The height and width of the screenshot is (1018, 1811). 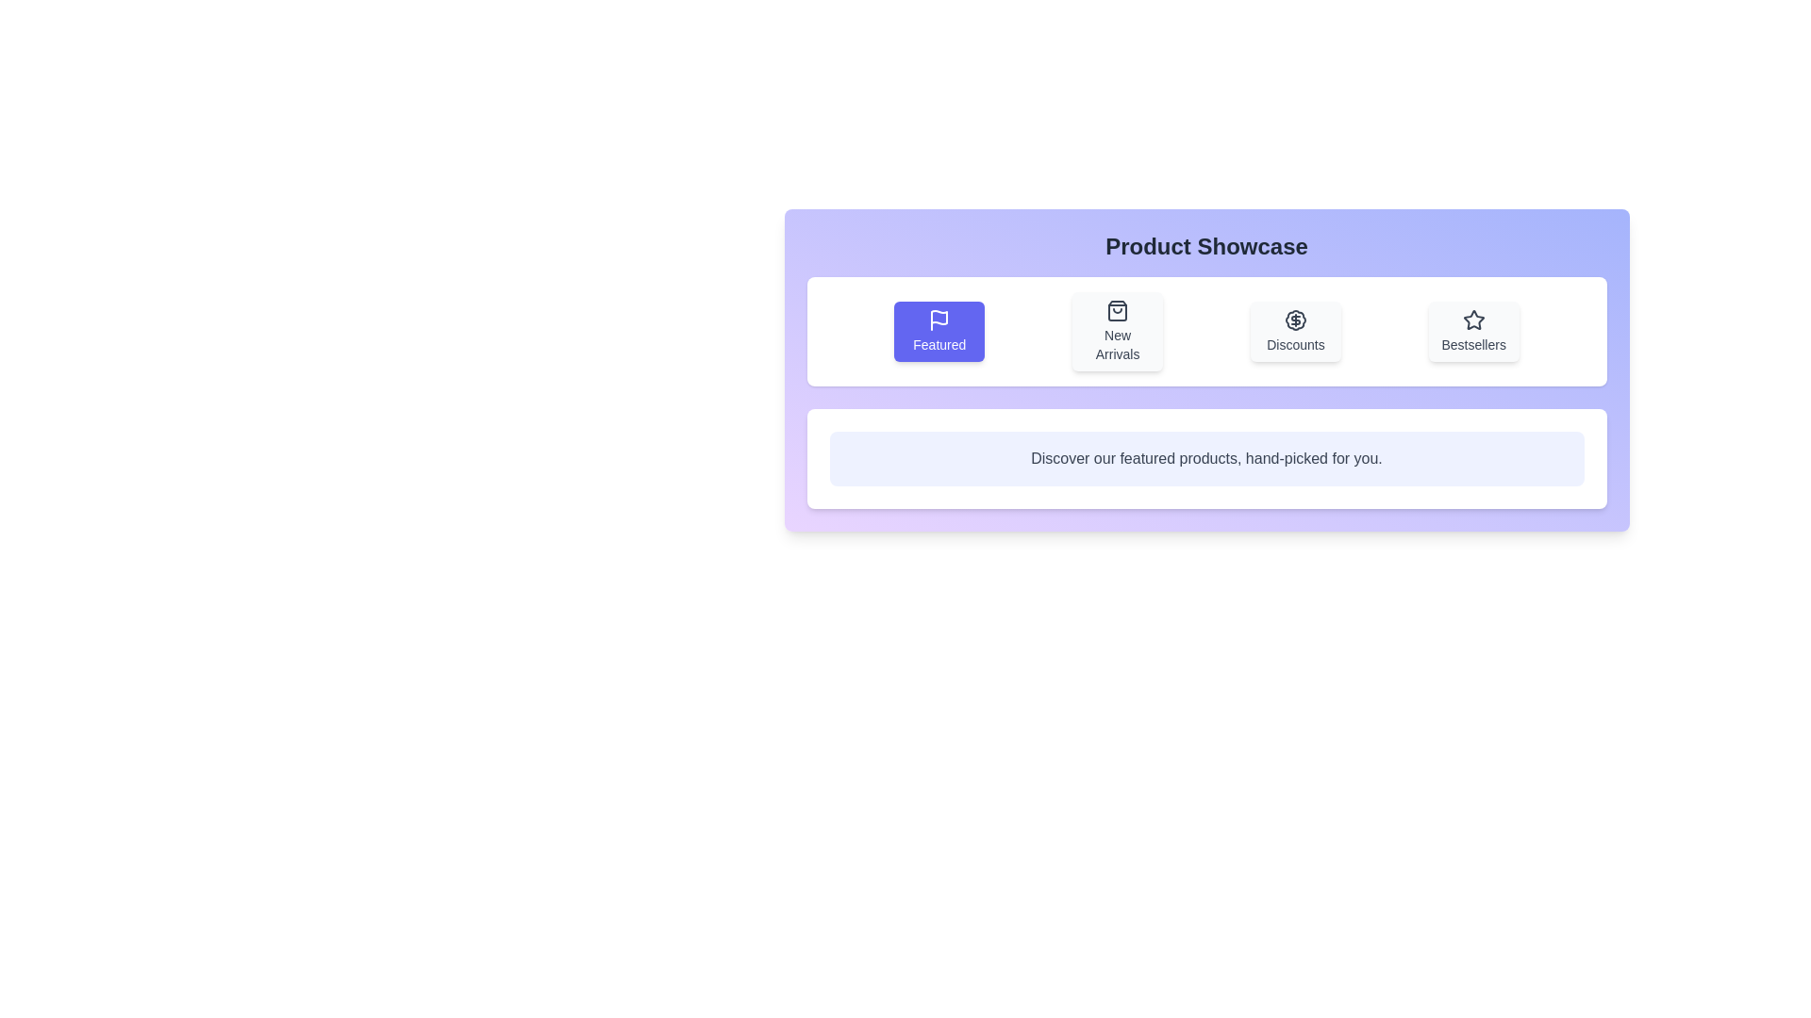 I want to click on the fourth button in the 'Product Showcase' section to activate visual feedback, so click(x=1472, y=330).